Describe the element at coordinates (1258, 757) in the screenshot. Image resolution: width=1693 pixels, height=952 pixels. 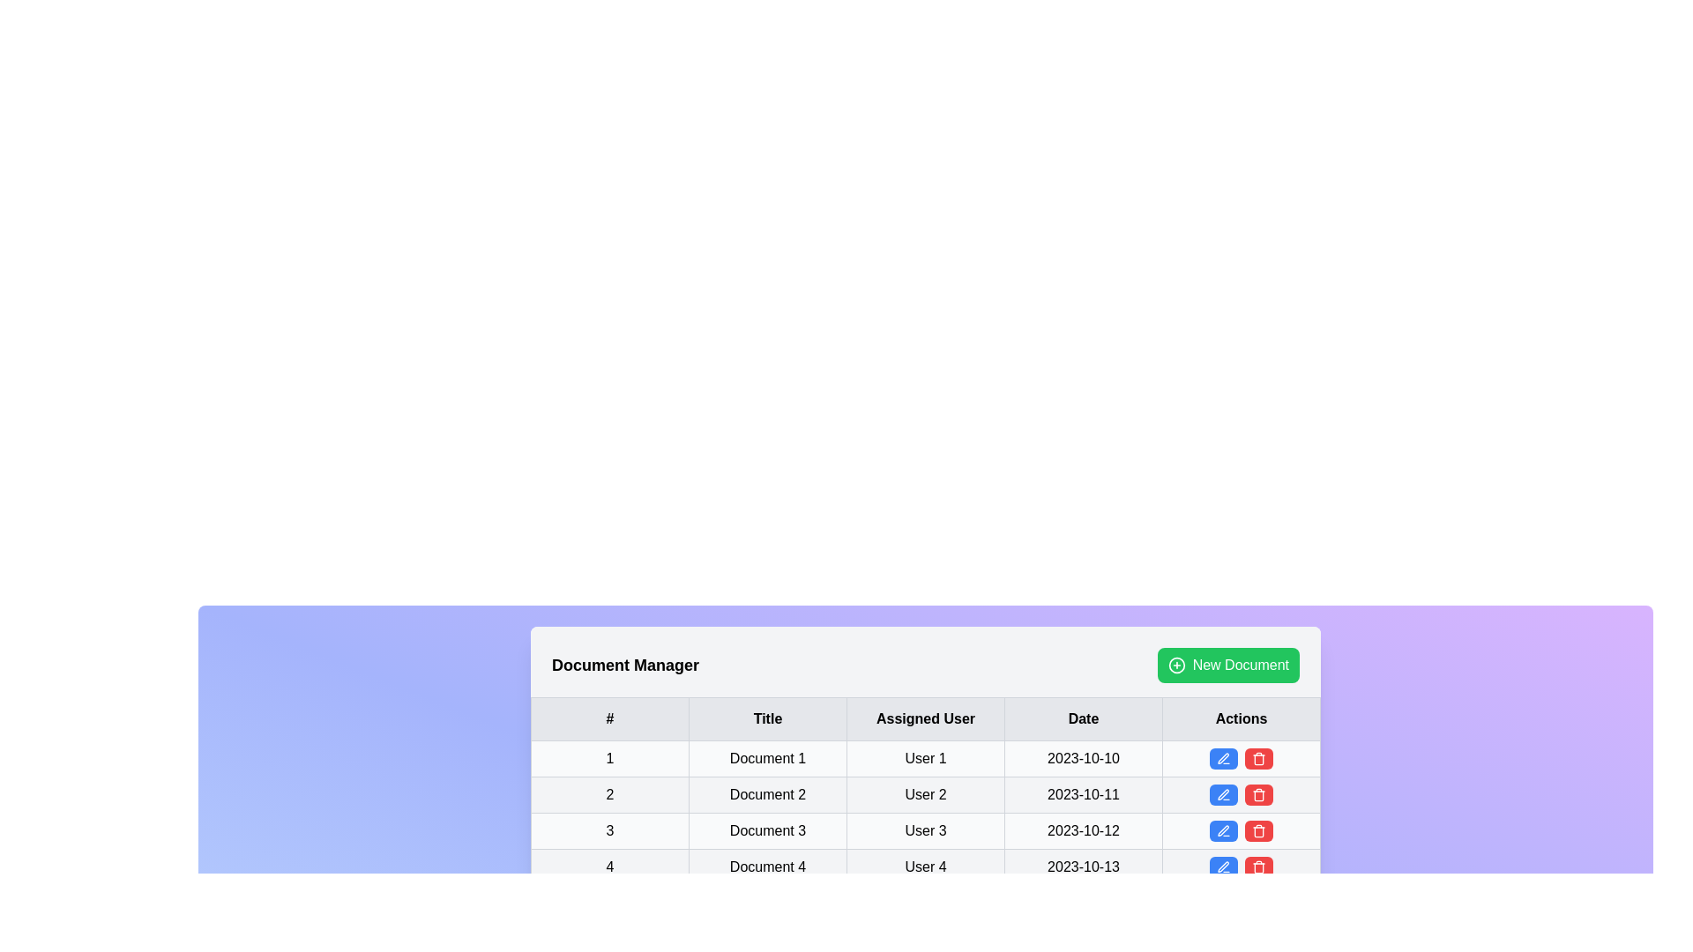
I see `the red delete button with a trash bin icon located in the 'Actions' column of the data table` at that location.